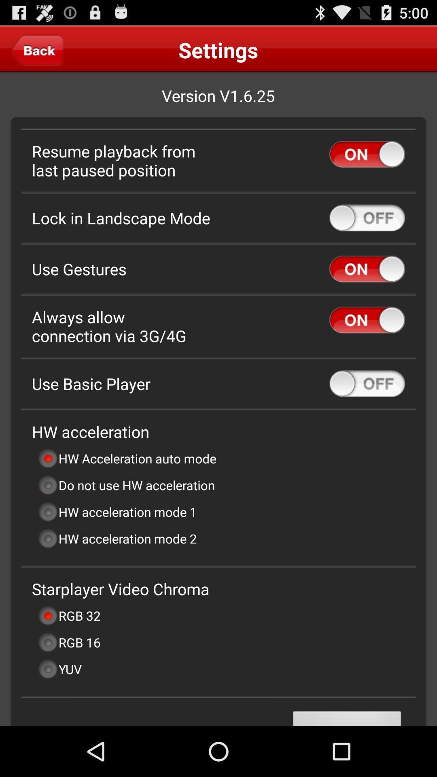  I want to click on the item below the rgb 16 radio button, so click(59, 669).